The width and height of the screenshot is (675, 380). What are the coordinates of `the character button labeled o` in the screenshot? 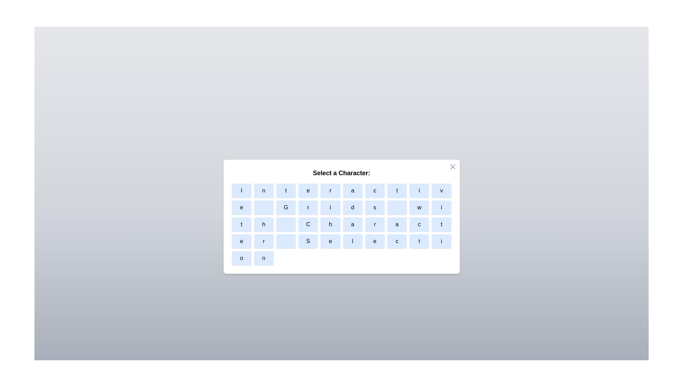 It's located at (242, 258).